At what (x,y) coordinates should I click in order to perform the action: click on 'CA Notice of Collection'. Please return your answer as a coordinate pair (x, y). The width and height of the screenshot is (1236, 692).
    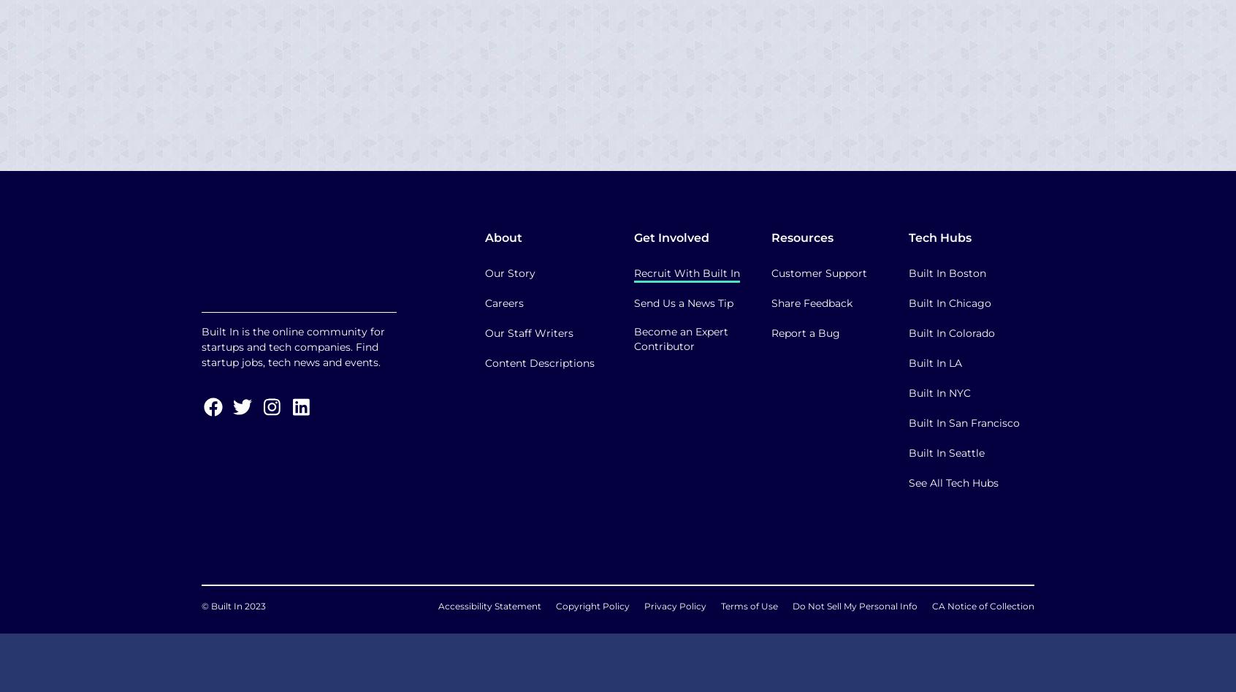
    Looking at the image, I should click on (931, 606).